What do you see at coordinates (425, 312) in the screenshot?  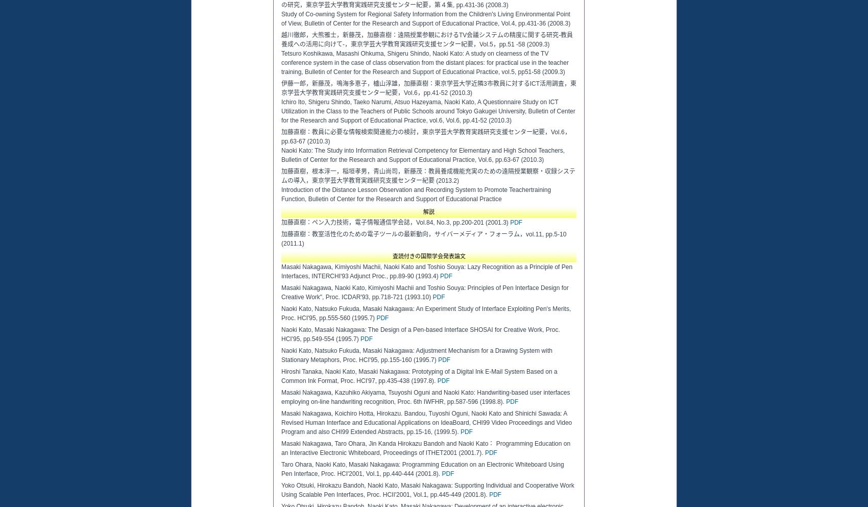 I see `'Naoki Kato, Natsuko Fukuda, Masaki Nakagawa: An Experiment Study of Interface Exploiting Pen's Merits, Proc. HCI'95, pp.555-560 (1995.7)'` at bounding box center [425, 312].